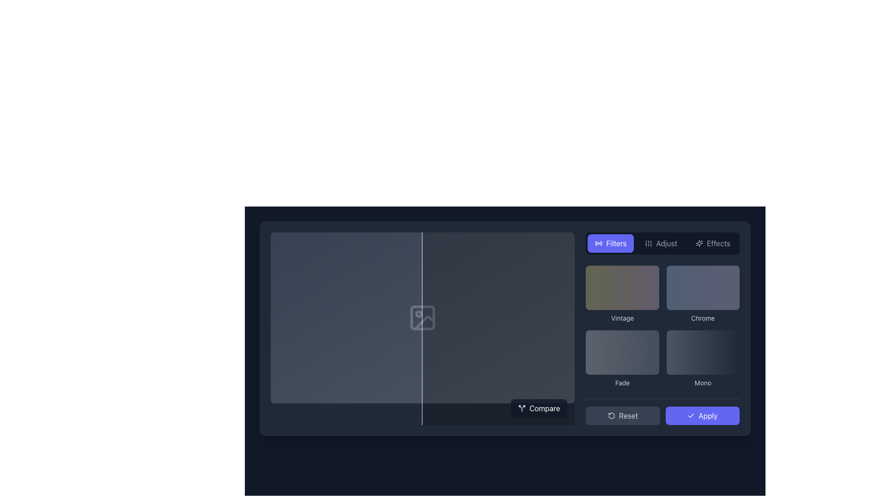 This screenshot has width=887, height=499. What do you see at coordinates (661, 243) in the screenshot?
I see `the center button labeled 'Adjust' with a vertical sliders icon` at bounding box center [661, 243].